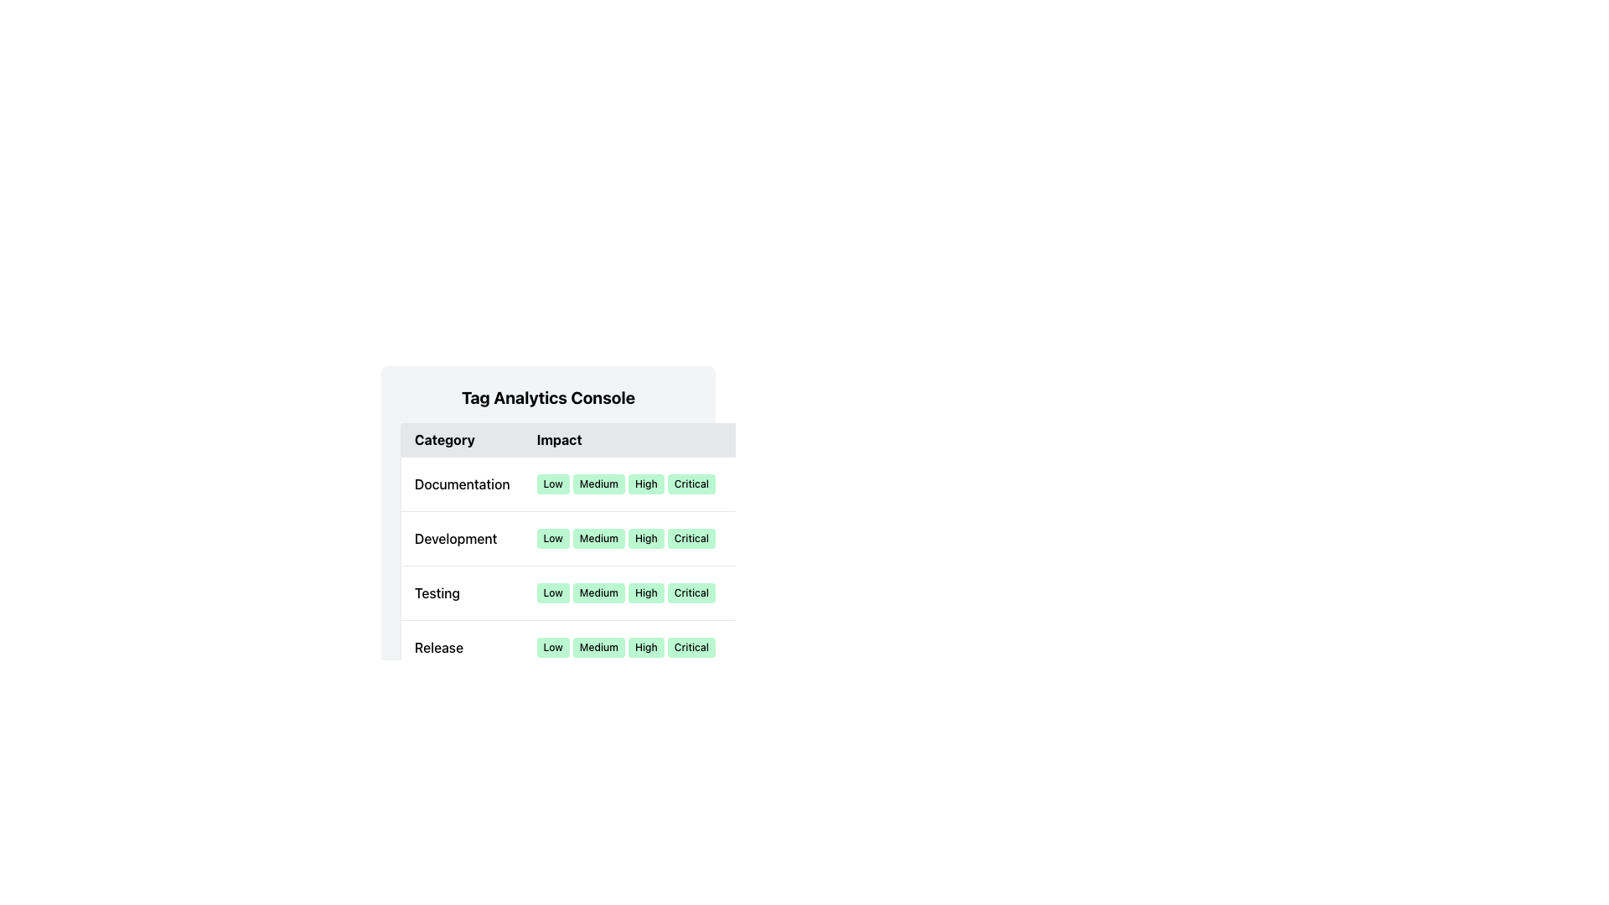 The width and height of the screenshot is (1609, 905). What do you see at coordinates (462, 484) in the screenshot?
I see `the 'Documentation' text label, which serves as the heading for the 'Category' column in the 'Tag Analytics Console' section` at bounding box center [462, 484].